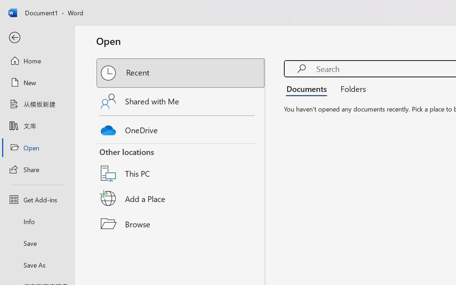 This screenshot has height=285, width=456. Describe the element at coordinates (181, 101) in the screenshot. I see `'Shared with Me'` at that location.